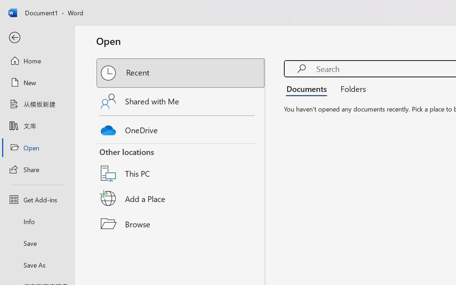 This screenshot has height=285, width=456. Describe the element at coordinates (181, 101) in the screenshot. I see `'Shared with Me'` at that location.